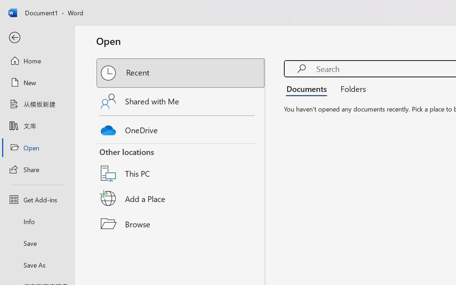 This screenshot has height=285, width=456. Describe the element at coordinates (181, 101) in the screenshot. I see `'Shared with Me'` at that location.